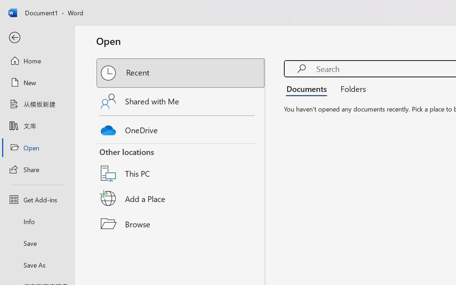 This screenshot has height=285, width=456. Describe the element at coordinates (181, 101) in the screenshot. I see `'Shared with Me'` at that location.